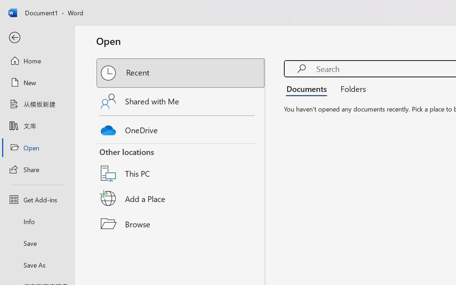 This screenshot has height=285, width=456. Describe the element at coordinates (181, 101) in the screenshot. I see `'Shared with Me'` at that location.